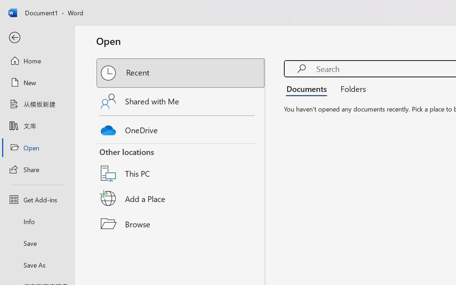 This screenshot has height=285, width=456. Describe the element at coordinates (181, 101) in the screenshot. I see `'Shared with Me'` at that location.